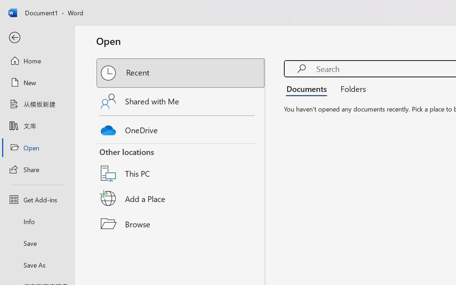 This screenshot has height=285, width=456. Describe the element at coordinates (181, 101) in the screenshot. I see `'Shared with Me'` at that location.